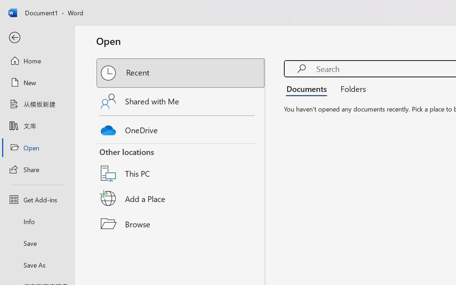 This screenshot has height=285, width=456. Describe the element at coordinates (181, 101) in the screenshot. I see `'Shared with Me'` at that location.